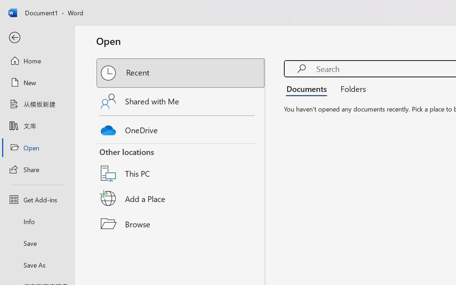 This screenshot has height=285, width=456. Describe the element at coordinates (181, 101) in the screenshot. I see `'Shared with Me'` at that location.